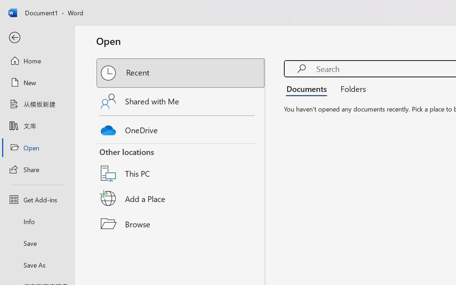 This screenshot has height=285, width=456. Describe the element at coordinates (181, 101) in the screenshot. I see `'Shared with Me'` at that location.